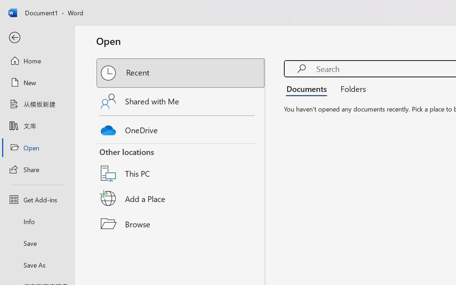 This screenshot has height=285, width=456. Describe the element at coordinates (181, 101) in the screenshot. I see `'Shared with Me'` at that location.